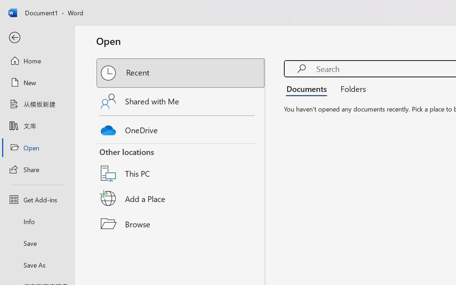 This screenshot has height=285, width=456. Describe the element at coordinates (181, 101) in the screenshot. I see `'Shared with Me'` at that location.